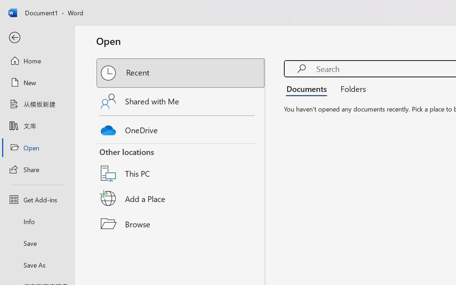 This screenshot has height=285, width=456. Describe the element at coordinates (181, 101) in the screenshot. I see `'Shared with Me'` at that location.